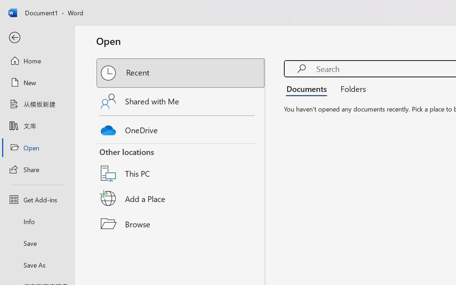 This screenshot has height=285, width=456. Describe the element at coordinates (181, 101) in the screenshot. I see `'Shared with Me'` at that location.